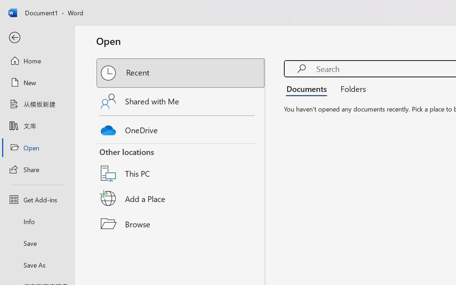 This screenshot has height=285, width=456. Describe the element at coordinates (181, 101) in the screenshot. I see `'Shared with Me'` at that location.